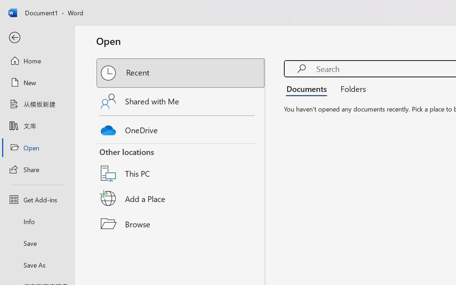 This screenshot has height=285, width=456. Describe the element at coordinates (181, 101) in the screenshot. I see `'Shared with Me'` at that location.